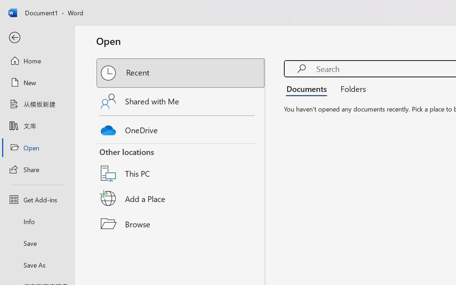 This screenshot has height=285, width=456. Describe the element at coordinates (181, 101) in the screenshot. I see `'Shared with Me'` at that location.